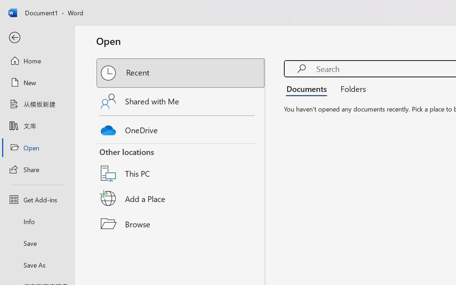 This screenshot has height=285, width=456. Describe the element at coordinates (181, 101) in the screenshot. I see `'Shared with Me'` at that location.